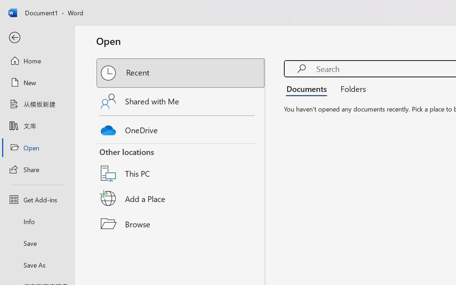 This screenshot has height=285, width=456. Describe the element at coordinates (181, 101) in the screenshot. I see `'Shared with Me'` at that location.